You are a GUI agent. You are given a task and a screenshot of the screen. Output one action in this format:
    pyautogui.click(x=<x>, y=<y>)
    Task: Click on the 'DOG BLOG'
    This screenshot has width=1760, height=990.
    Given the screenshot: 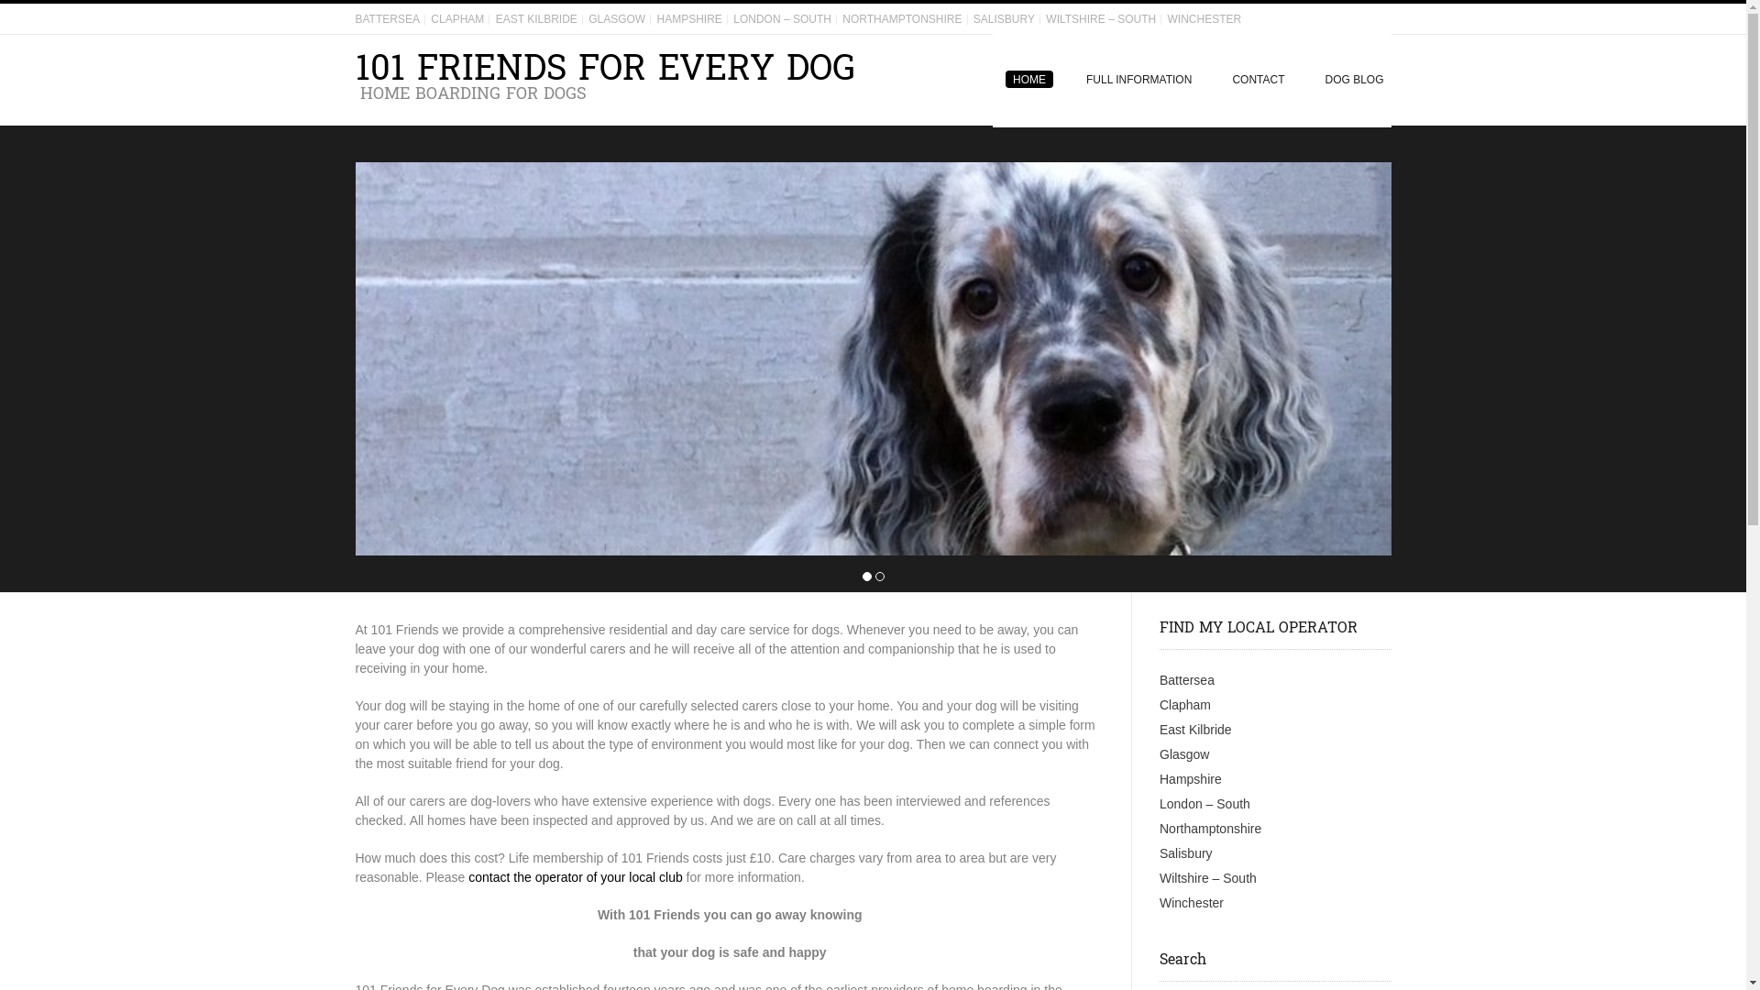 What is the action you would take?
    pyautogui.click(x=1347, y=79)
    